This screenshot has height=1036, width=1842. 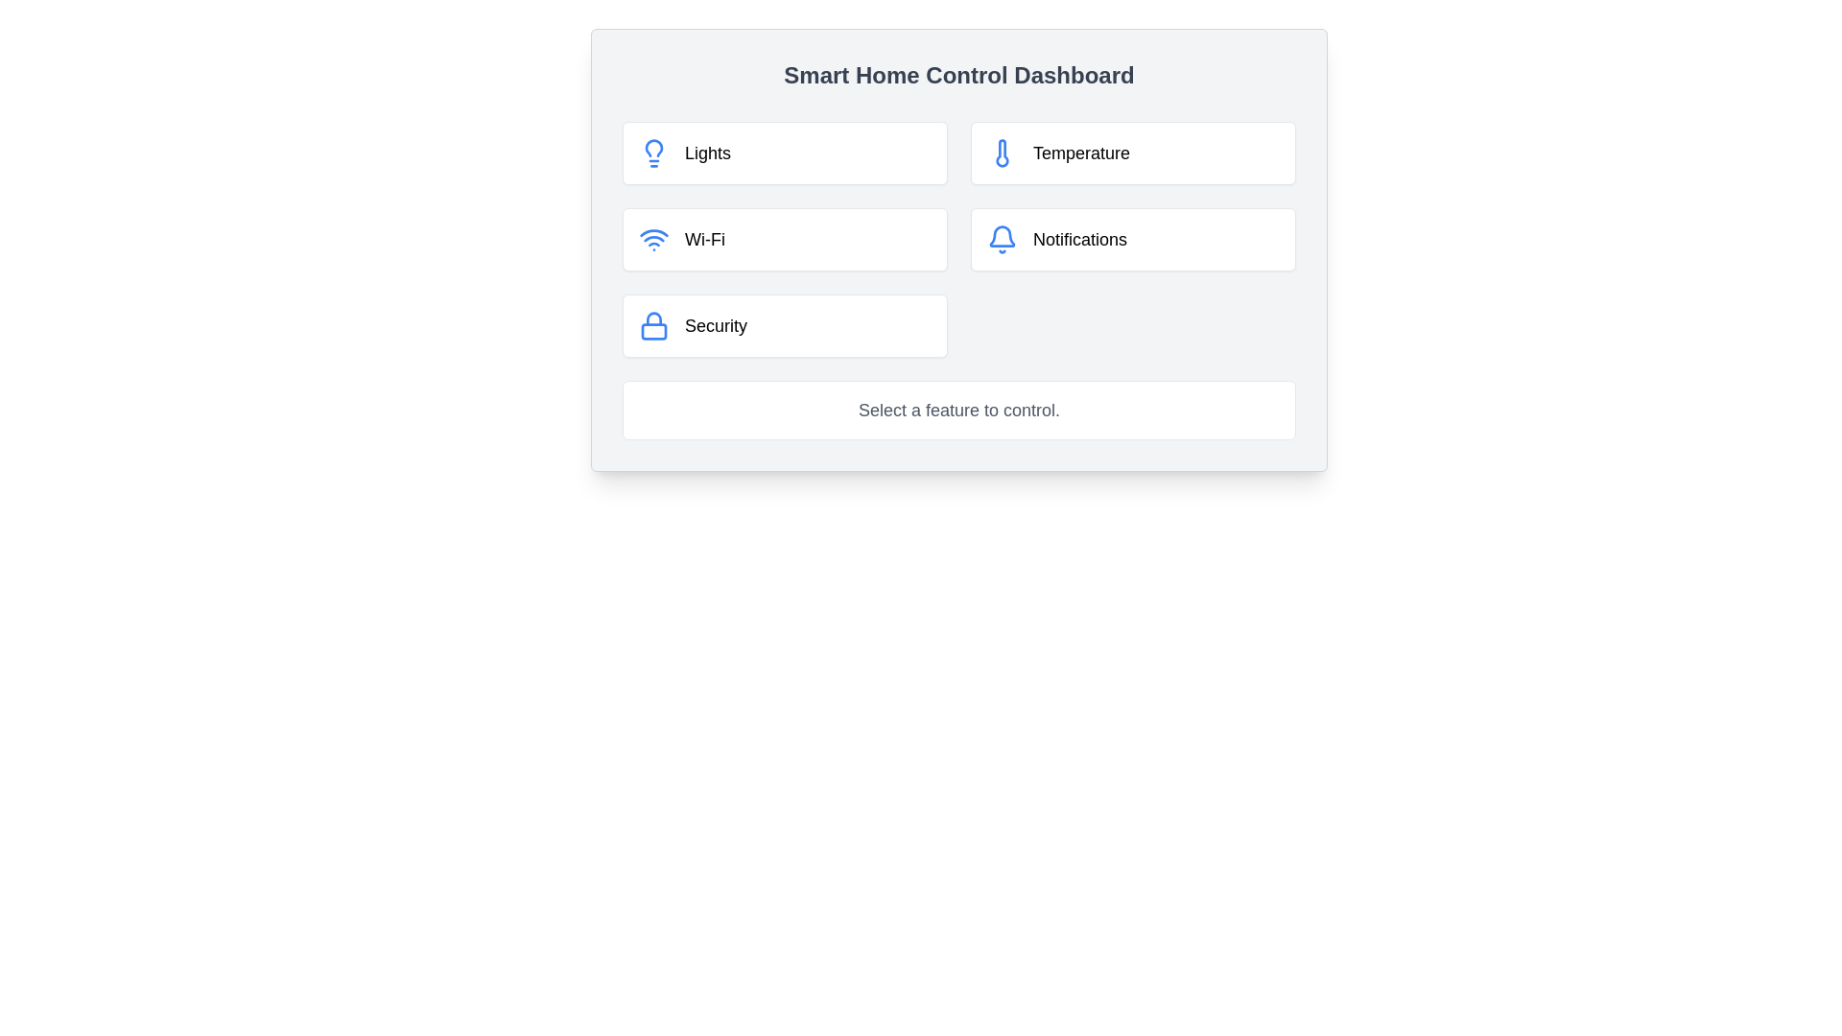 I want to click on the 'Temperature' text label in the smart home dashboard, located next to the thermometer icon in the top-right section of the grid layout, so click(x=1081, y=152).